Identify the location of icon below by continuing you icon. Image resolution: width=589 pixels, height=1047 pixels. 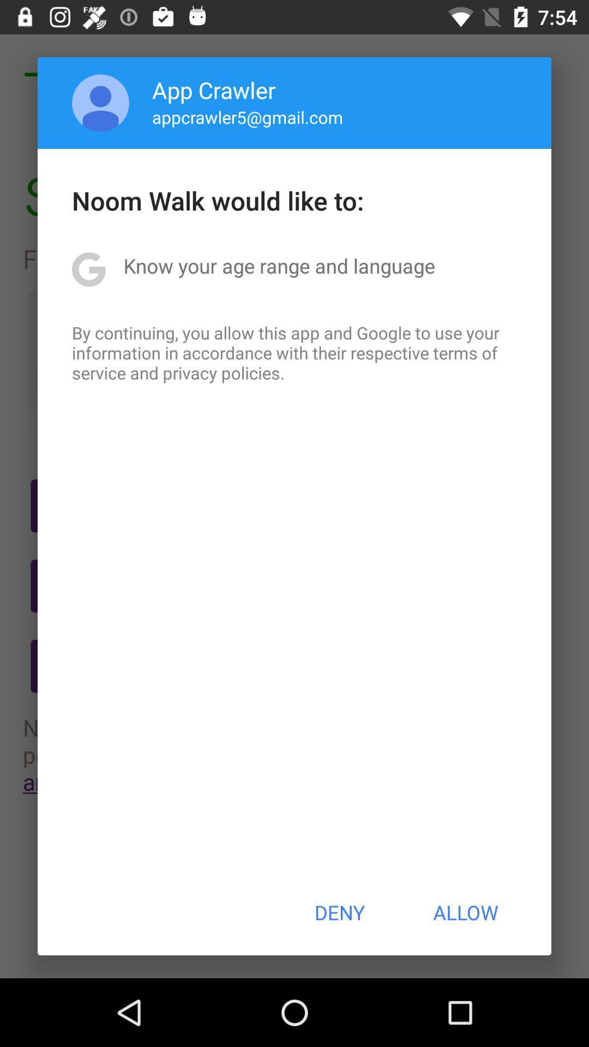
(339, 912).